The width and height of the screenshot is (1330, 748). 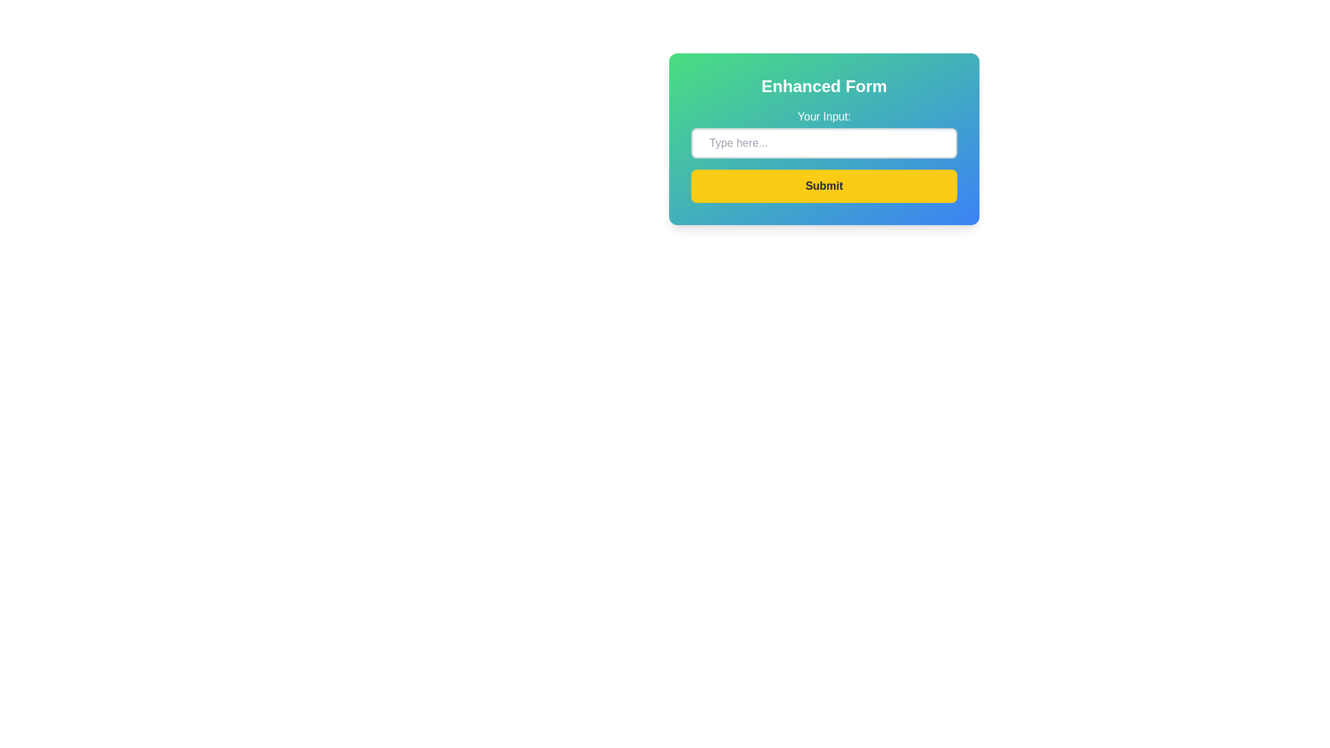 What do you see at coordinates (824, 116) in the screenshot?
I see `the Label element displaying 'Your Input:' which is located at the top of the form section, above the text input field, characterized by a prominent white font on a gradient background from green to blue` at bounding box center [824, 116].